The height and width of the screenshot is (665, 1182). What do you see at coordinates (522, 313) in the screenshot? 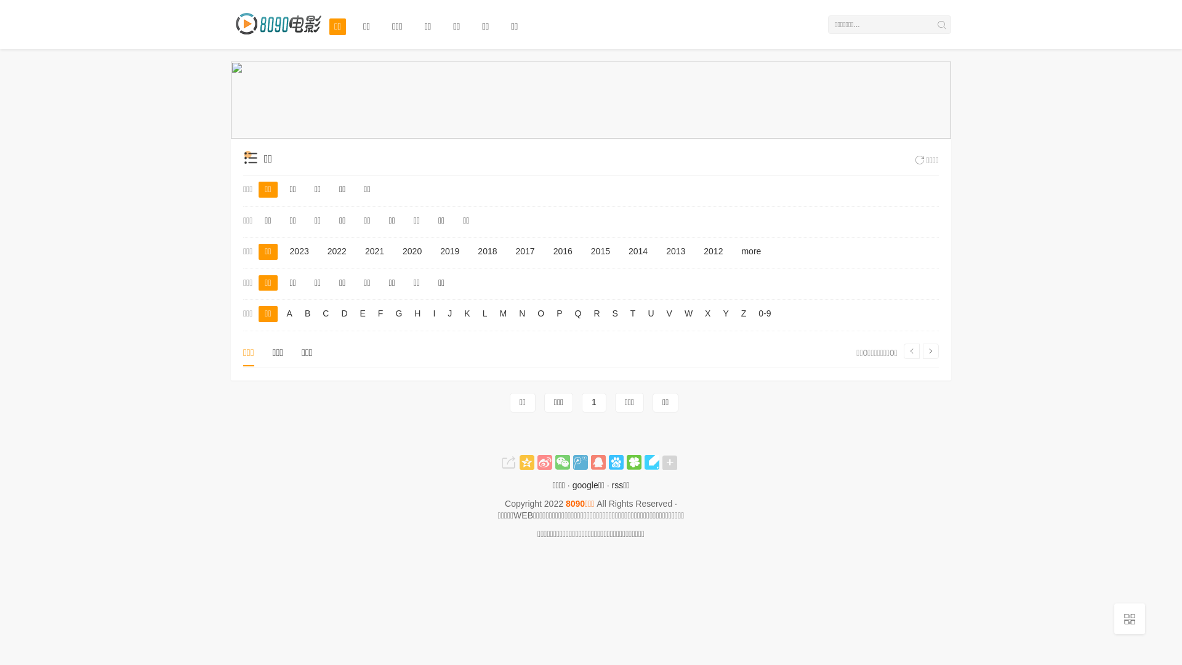
I see `'N'` at bounding box center [522, 313].